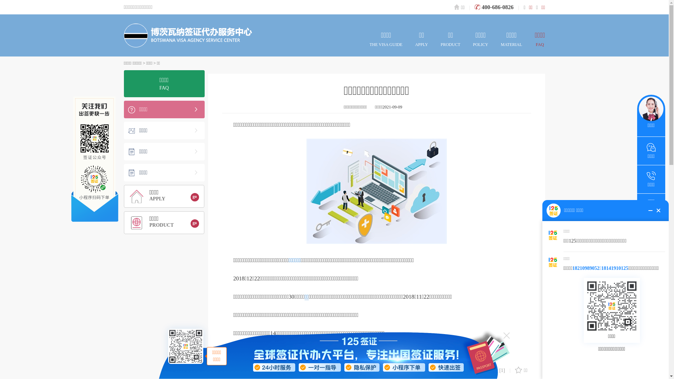 The width and height of the screenshot is (674, 379). I want to click on '[1]', so click(497, 370).